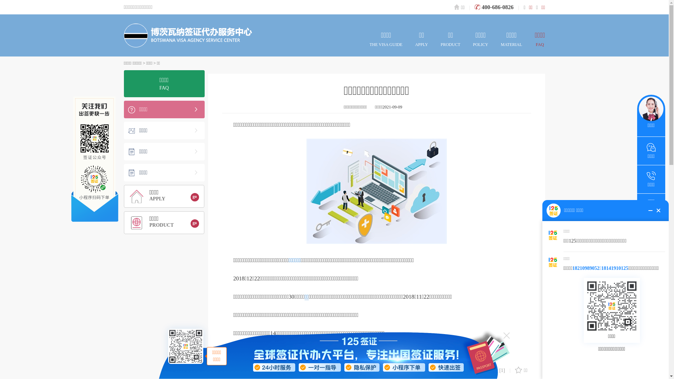 The width and height of the screenshot is (674, 379). I want to click on '[1]', so click(497, 370).